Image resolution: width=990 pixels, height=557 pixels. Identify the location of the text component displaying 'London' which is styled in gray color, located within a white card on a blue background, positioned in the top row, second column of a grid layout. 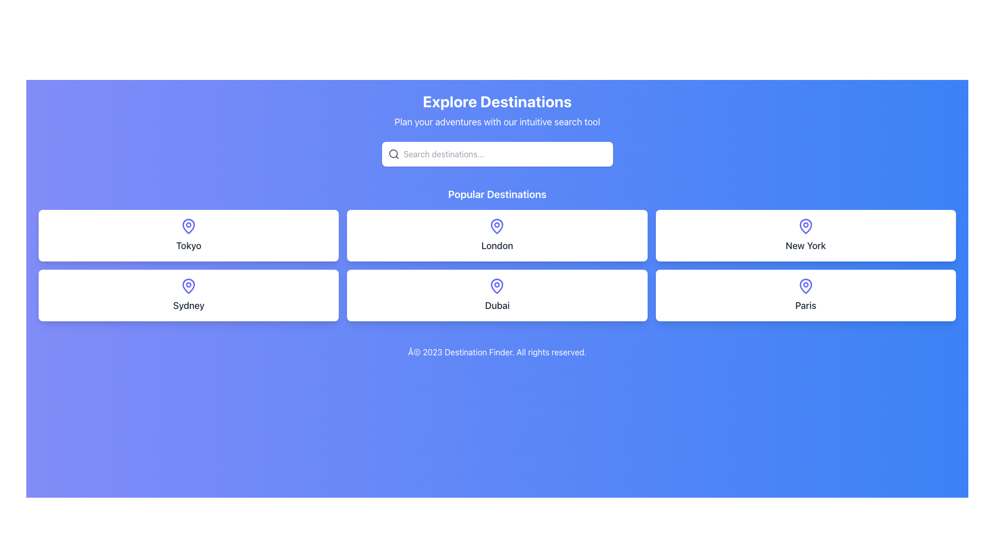
(497, 246).